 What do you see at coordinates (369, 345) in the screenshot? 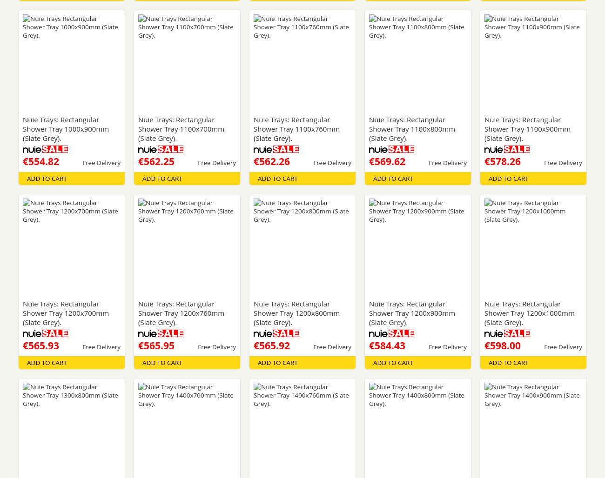
I see `'€584.43'` at bounding box center [369, 345].